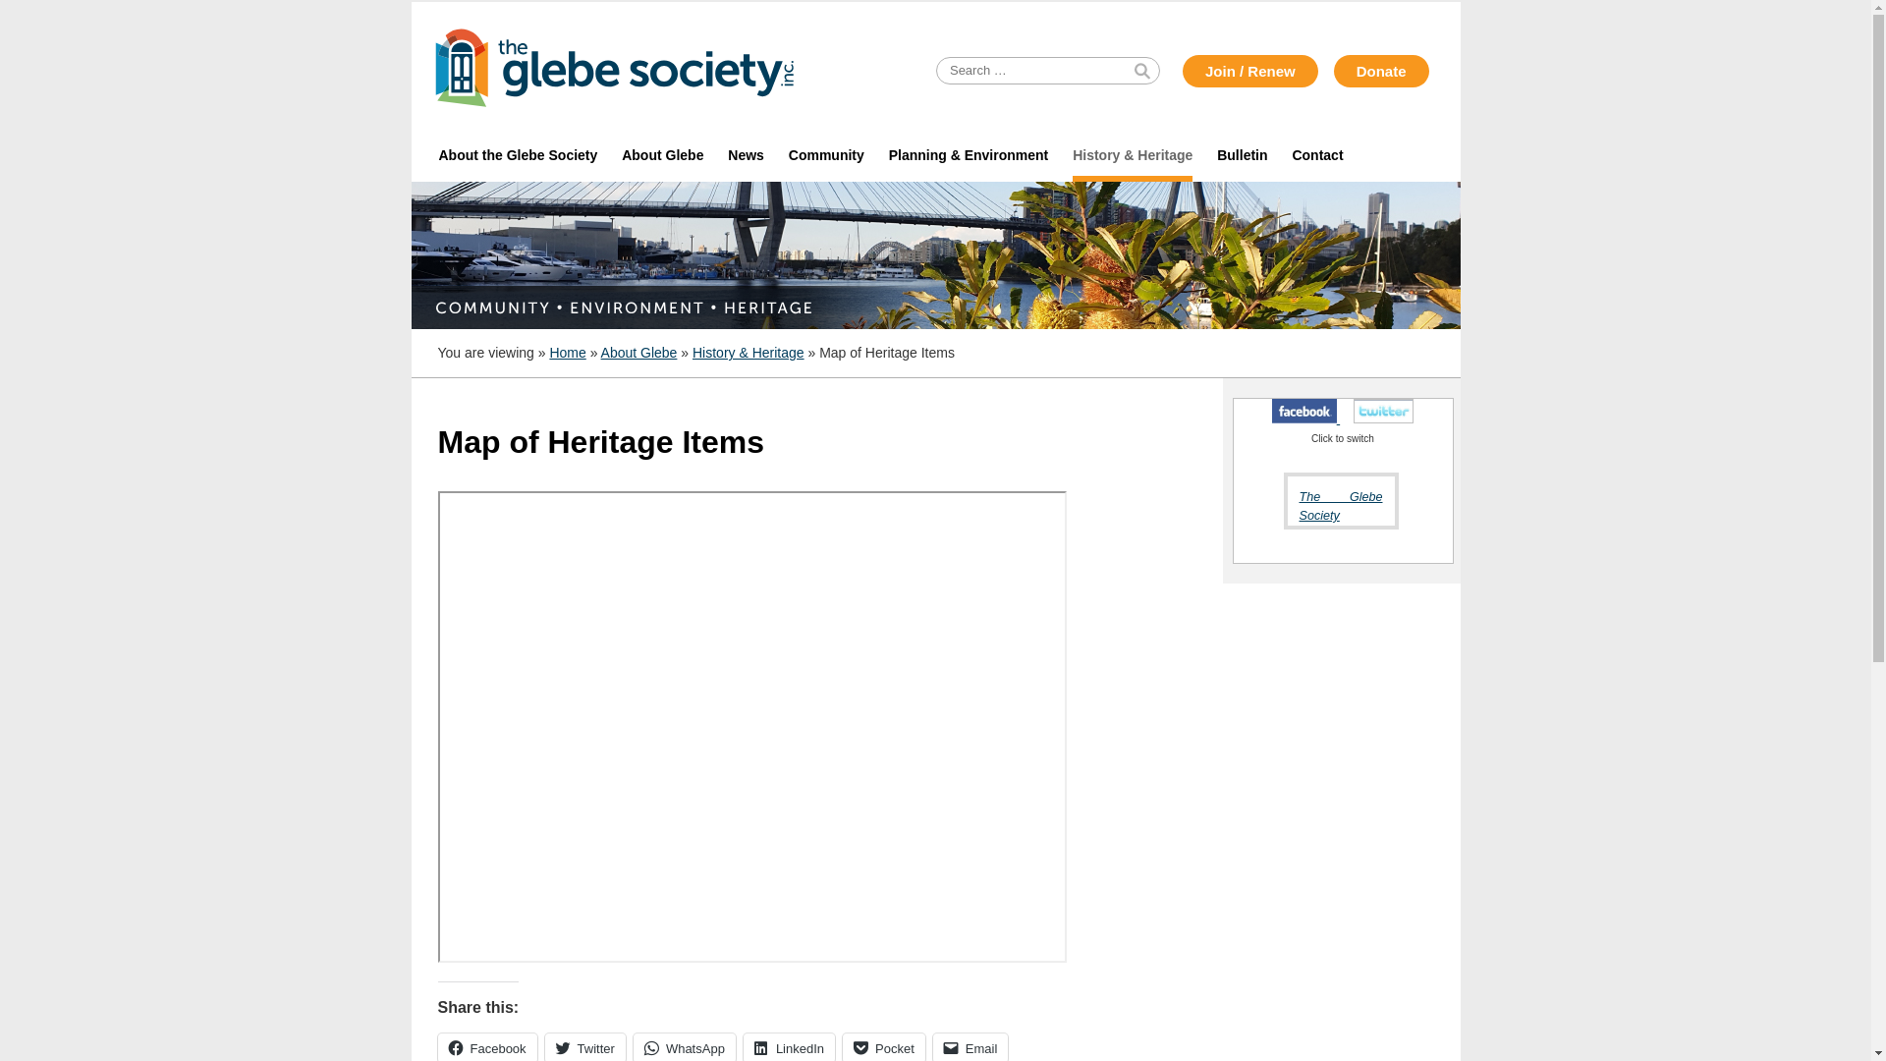 The height and width of the screenshot is (1061, 1886). I want to click on 'About Glebe', so click(639, 351).